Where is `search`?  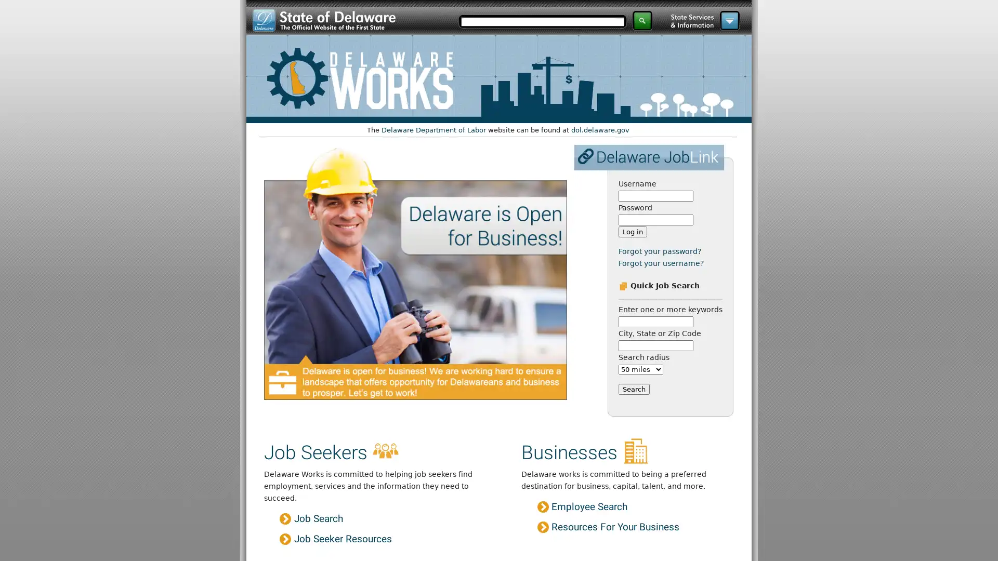 search is located at coordinates (642, 20).